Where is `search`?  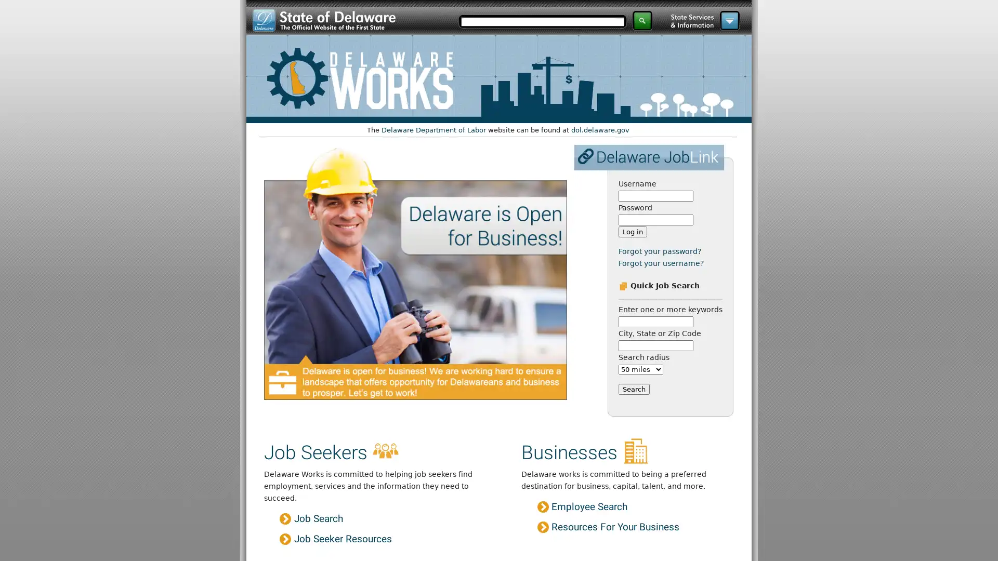 search is located at coordinates (642, 20).